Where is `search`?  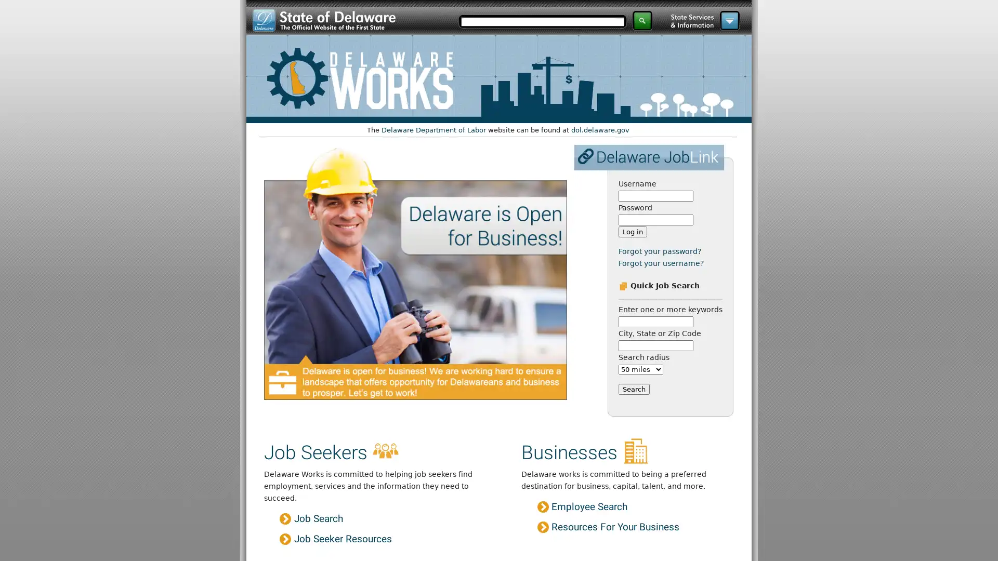 search is located at coordinates (642, 20).